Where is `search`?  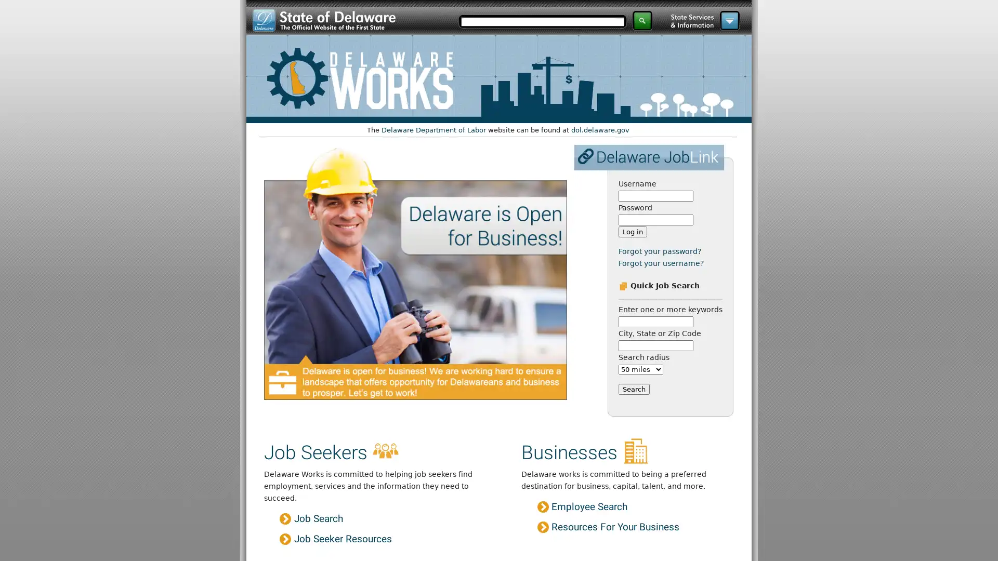 search is located at coordinates (642, 20).